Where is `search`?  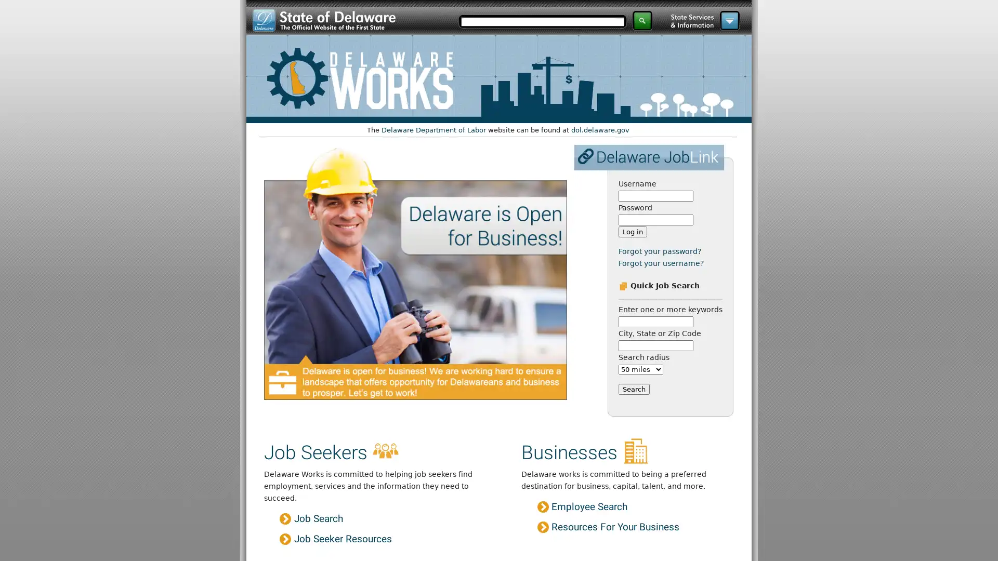 search is located at coordinates (642, 20).